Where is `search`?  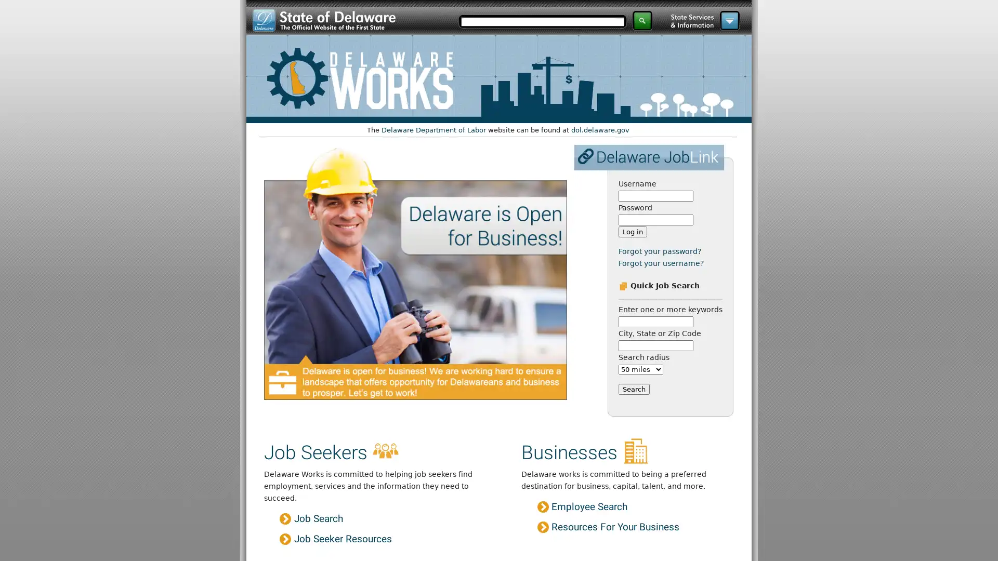 search is located at coordinates (642, 20).